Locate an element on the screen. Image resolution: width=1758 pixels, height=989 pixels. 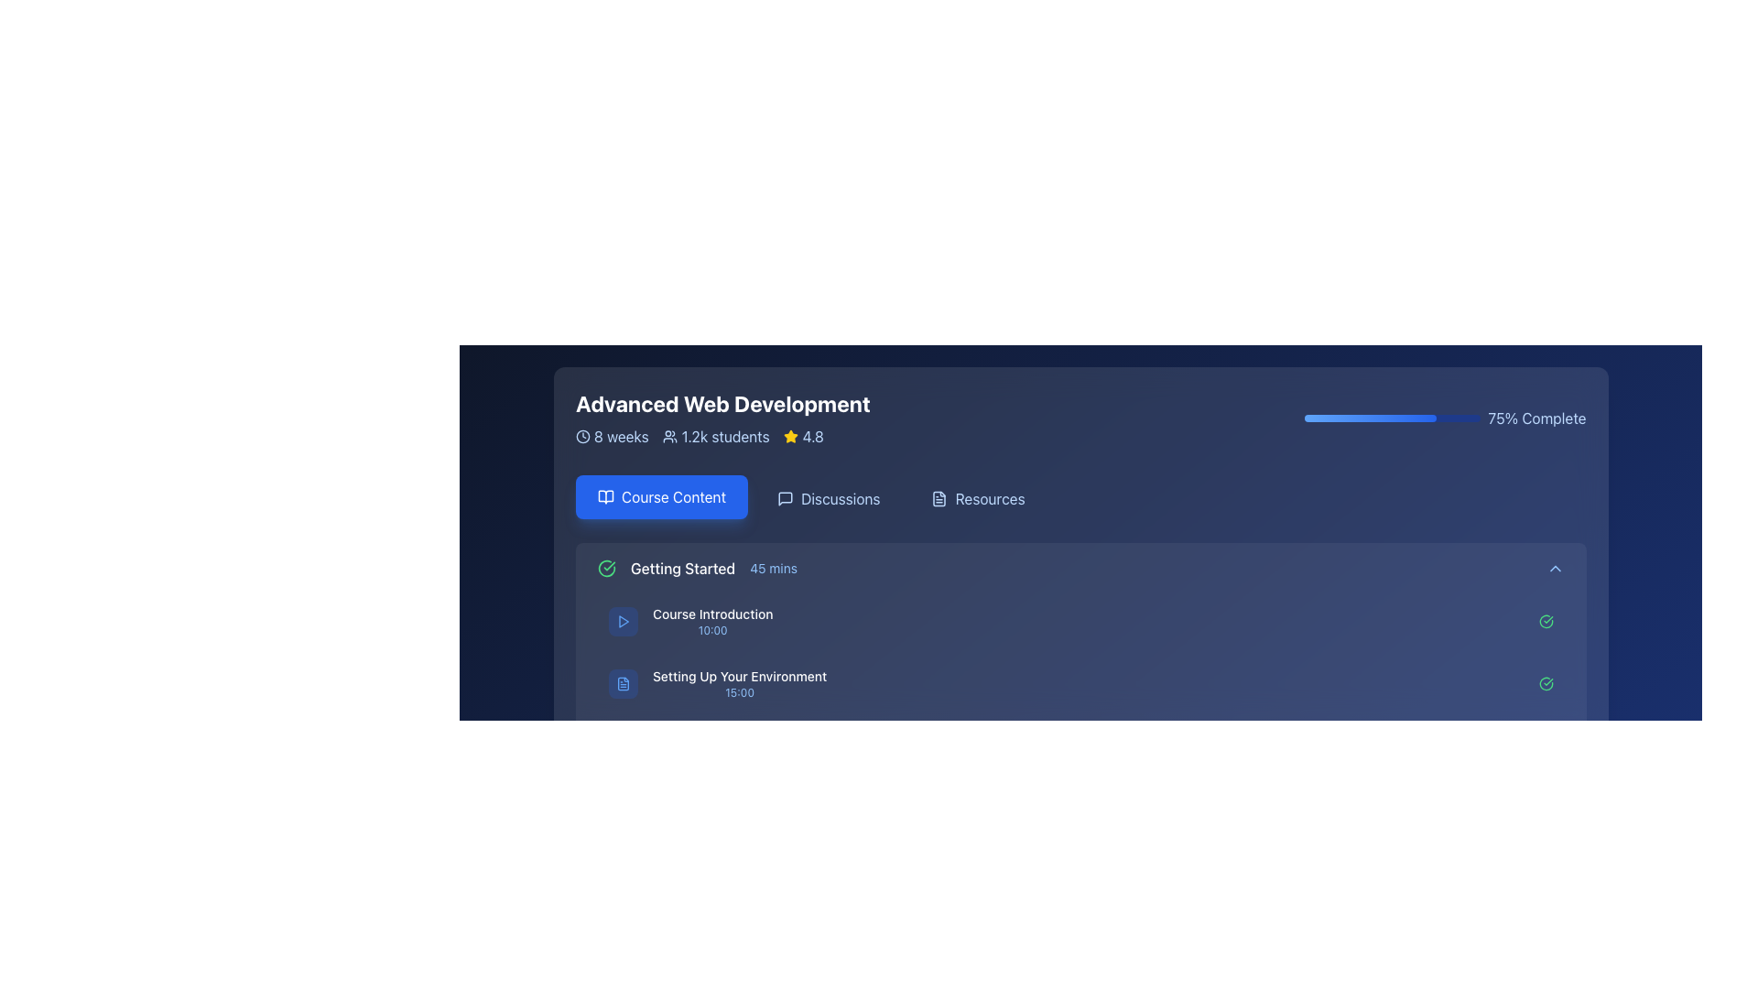
the circular icon with a green border and checkmark inside it, located at the far right of the list item labeled 'Setting Up Your Environment 15:00' is located at coordinates (1545, 684).